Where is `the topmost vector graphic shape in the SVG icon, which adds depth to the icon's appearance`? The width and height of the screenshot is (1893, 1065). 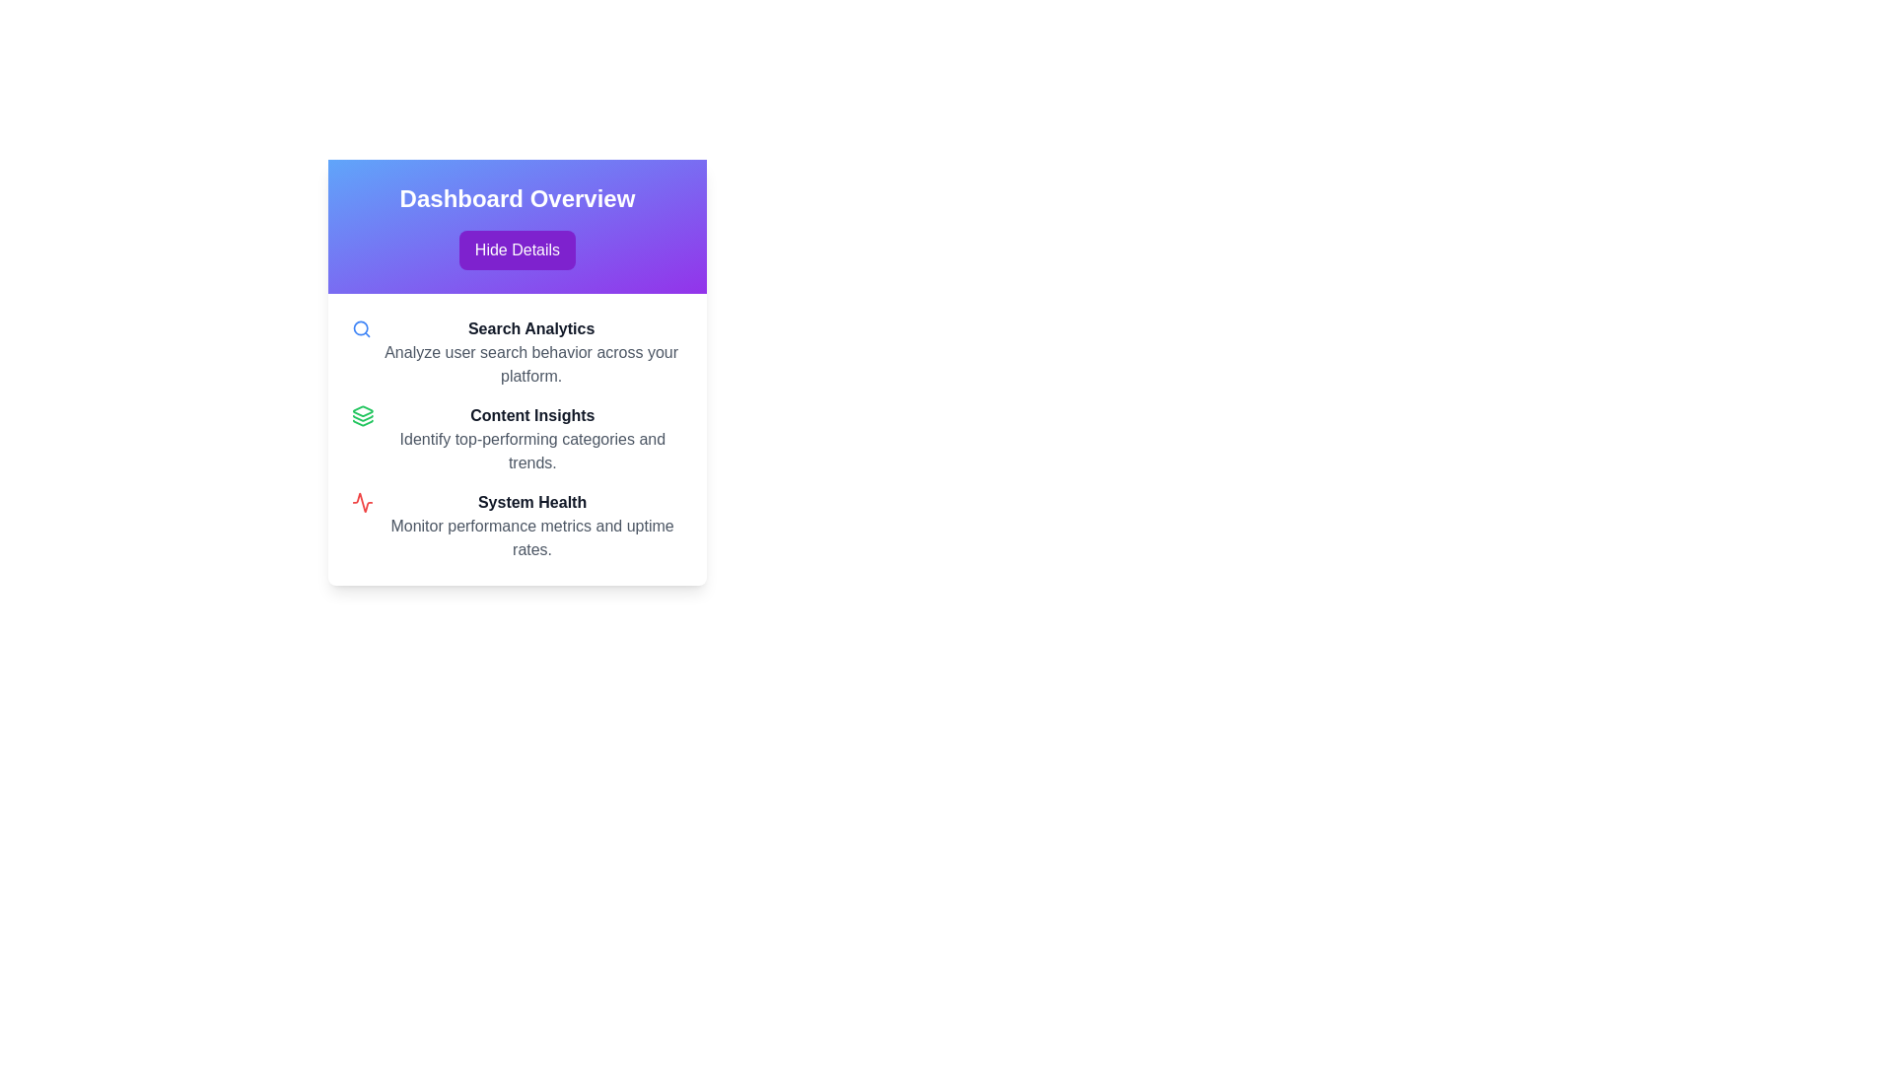 the topmost vector graphic shape in the SVG icon, which adds depth to the icon's appearance is located at coordinates (363, 410).